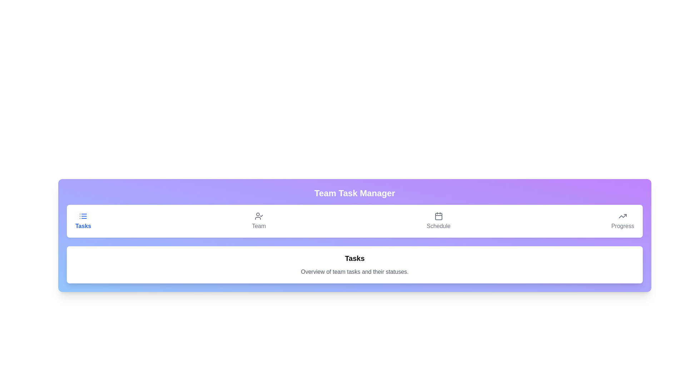 This screenshot has width=686, height=386. Describe the element at coordinates (438, 221) in the screenshot. I see `the third interactive button in the top navigation bar, which is positioned between the 'Team' element on the left and the 'Progress' element on the right` at that location.